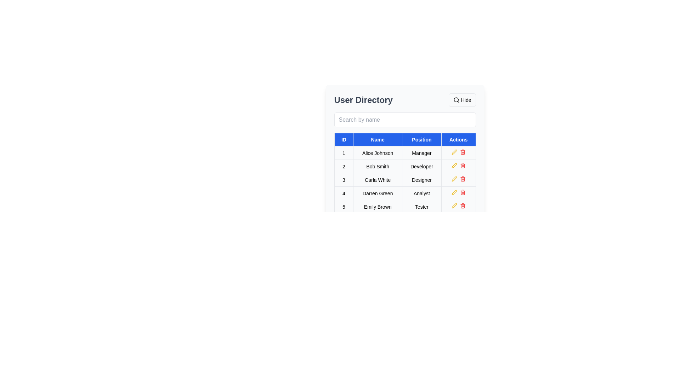 The image size is (680, 382). Describe the element at coordinates (463, 206) in the screenshot. I see `the delete button located in the Actions column of the fifth row of the User Directory interface` at that location.